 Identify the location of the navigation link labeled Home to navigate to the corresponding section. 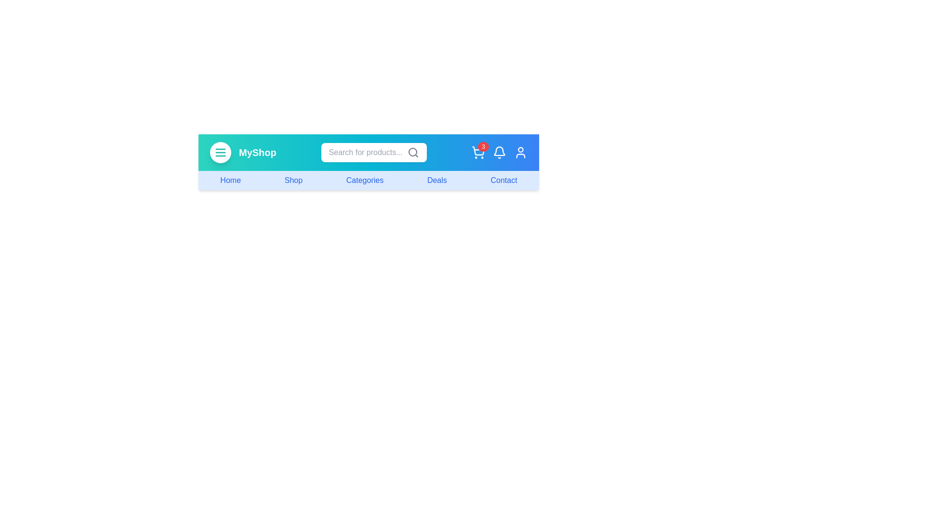
(230, 180).